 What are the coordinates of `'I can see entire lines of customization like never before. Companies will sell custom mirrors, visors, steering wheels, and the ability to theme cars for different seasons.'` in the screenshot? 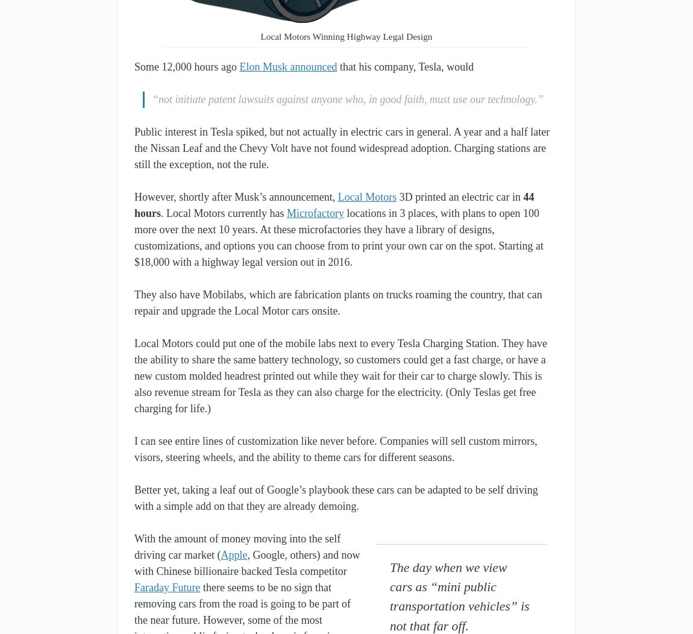 It's located at (335, 449).